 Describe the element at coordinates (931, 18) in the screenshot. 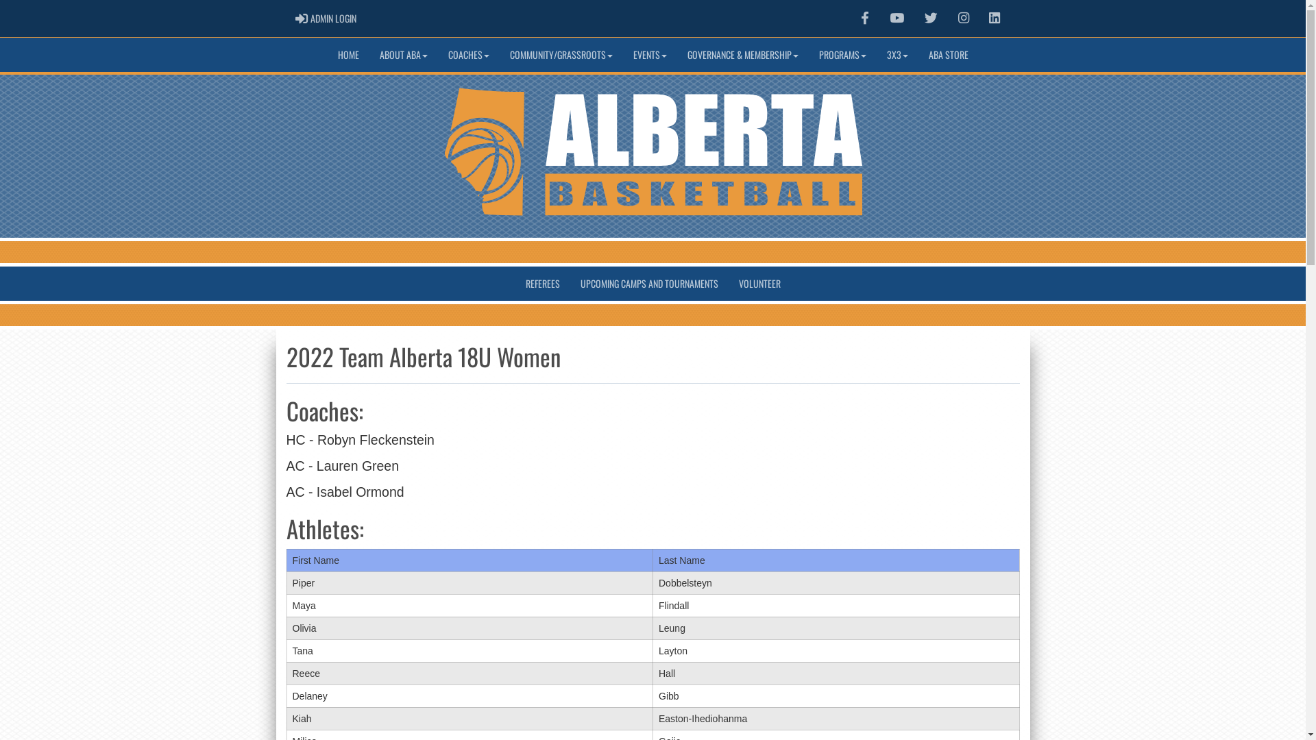

I see `'follow us'` at that location.